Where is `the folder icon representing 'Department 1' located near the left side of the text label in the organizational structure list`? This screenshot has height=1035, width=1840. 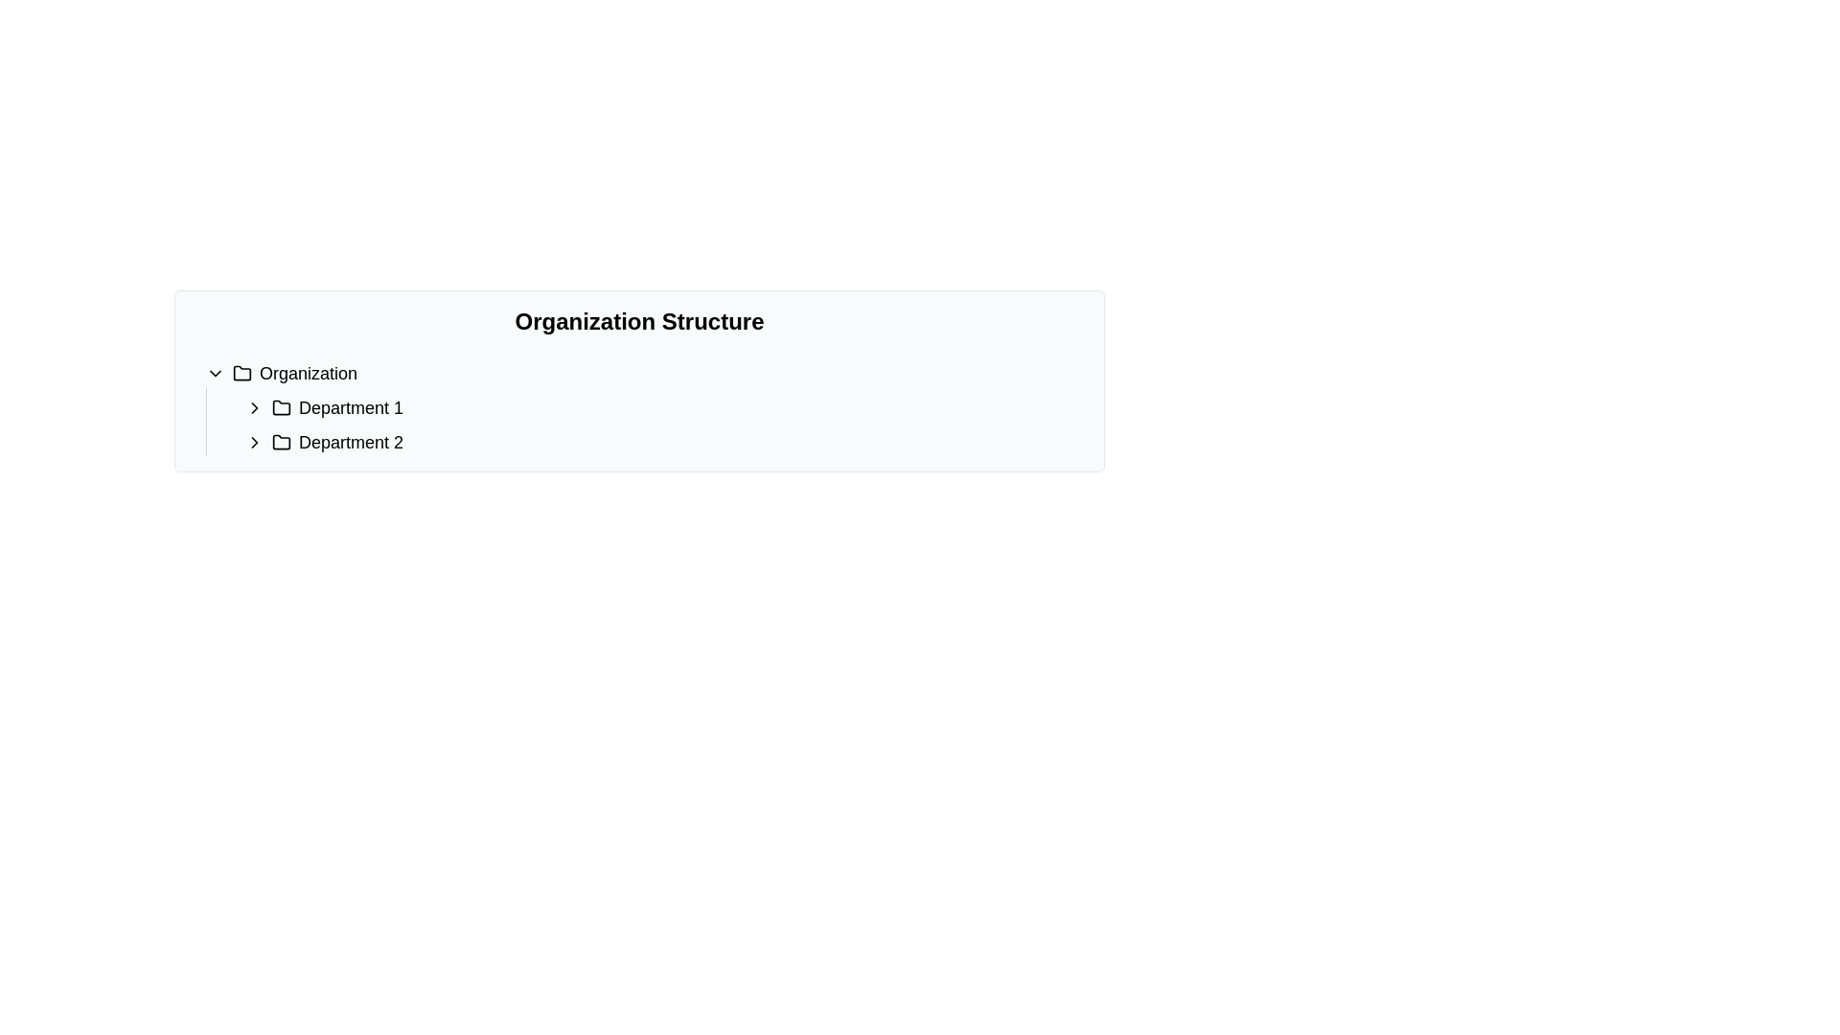 the folder icon representing 'Department 1' located near the left side of the text label in the organizational structure list is located at coordinates (280, 406).